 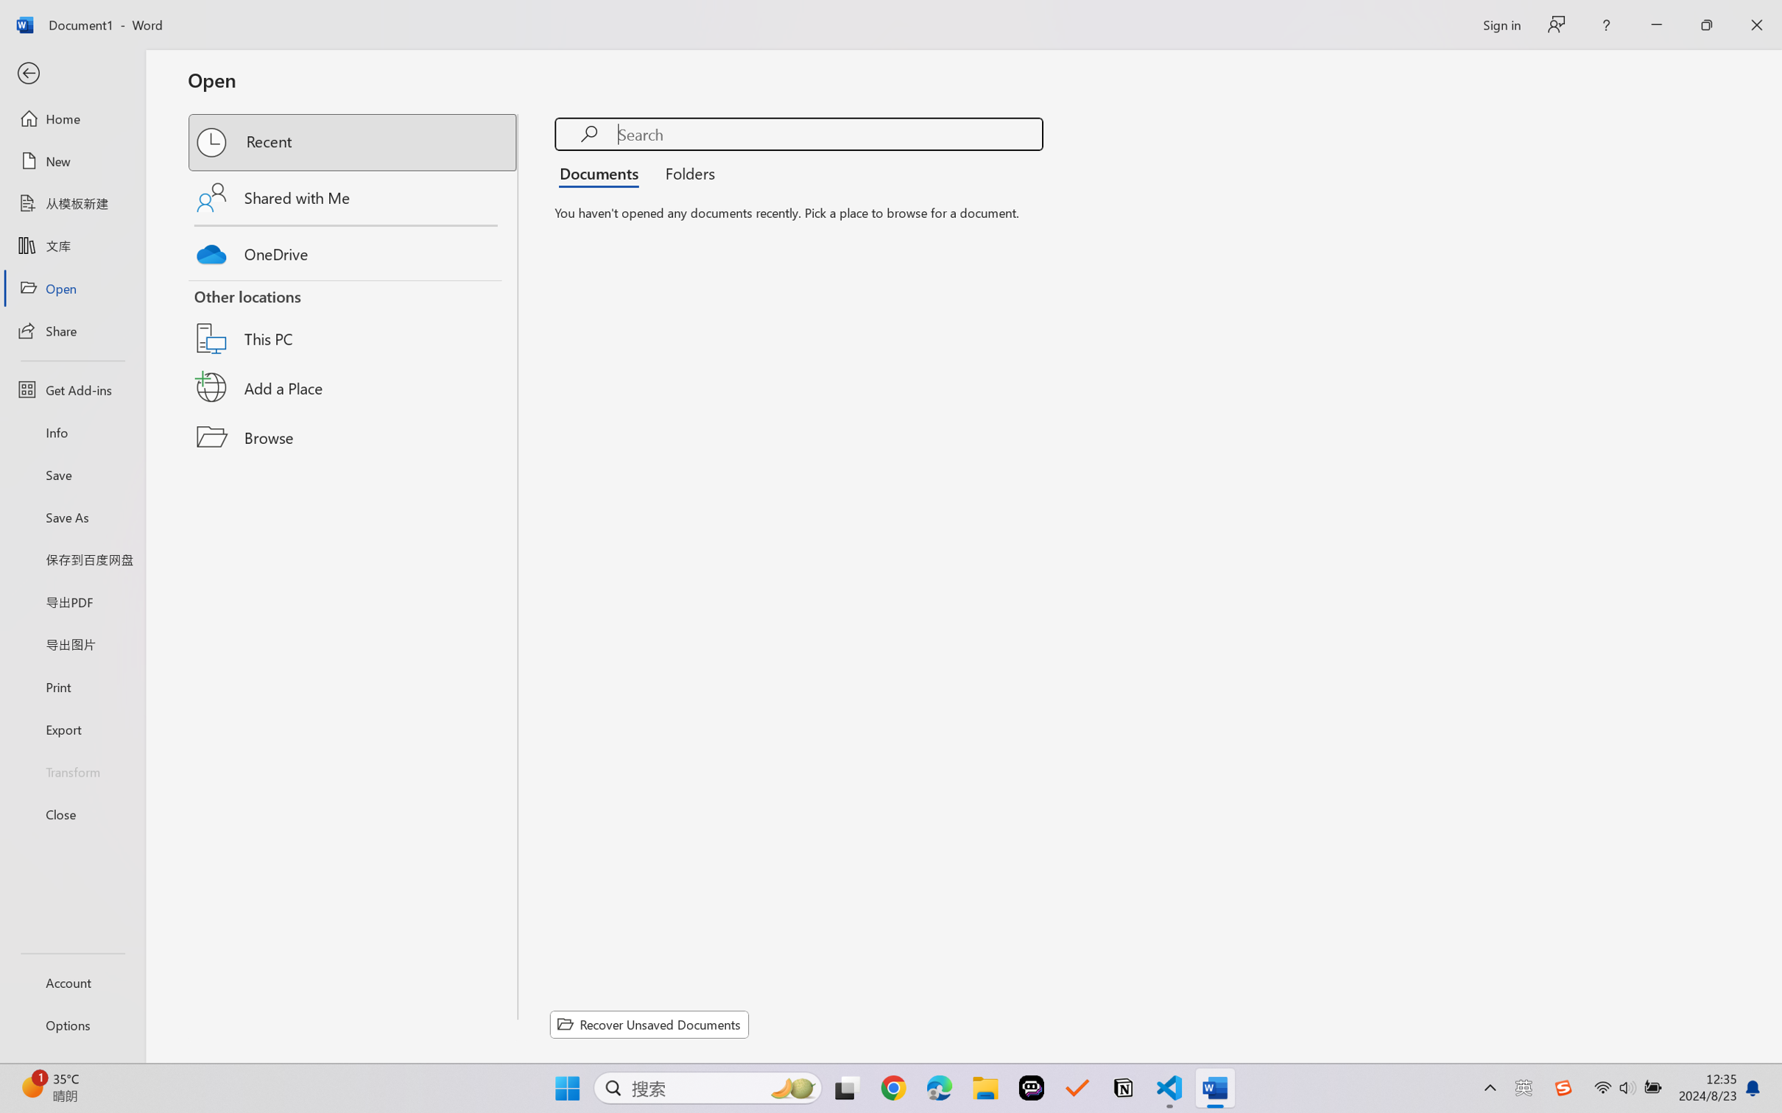 What do you see at coordinates (353, 250) in the screenshot?
I see `'OneDrive'` at bounding box center [353, 250].